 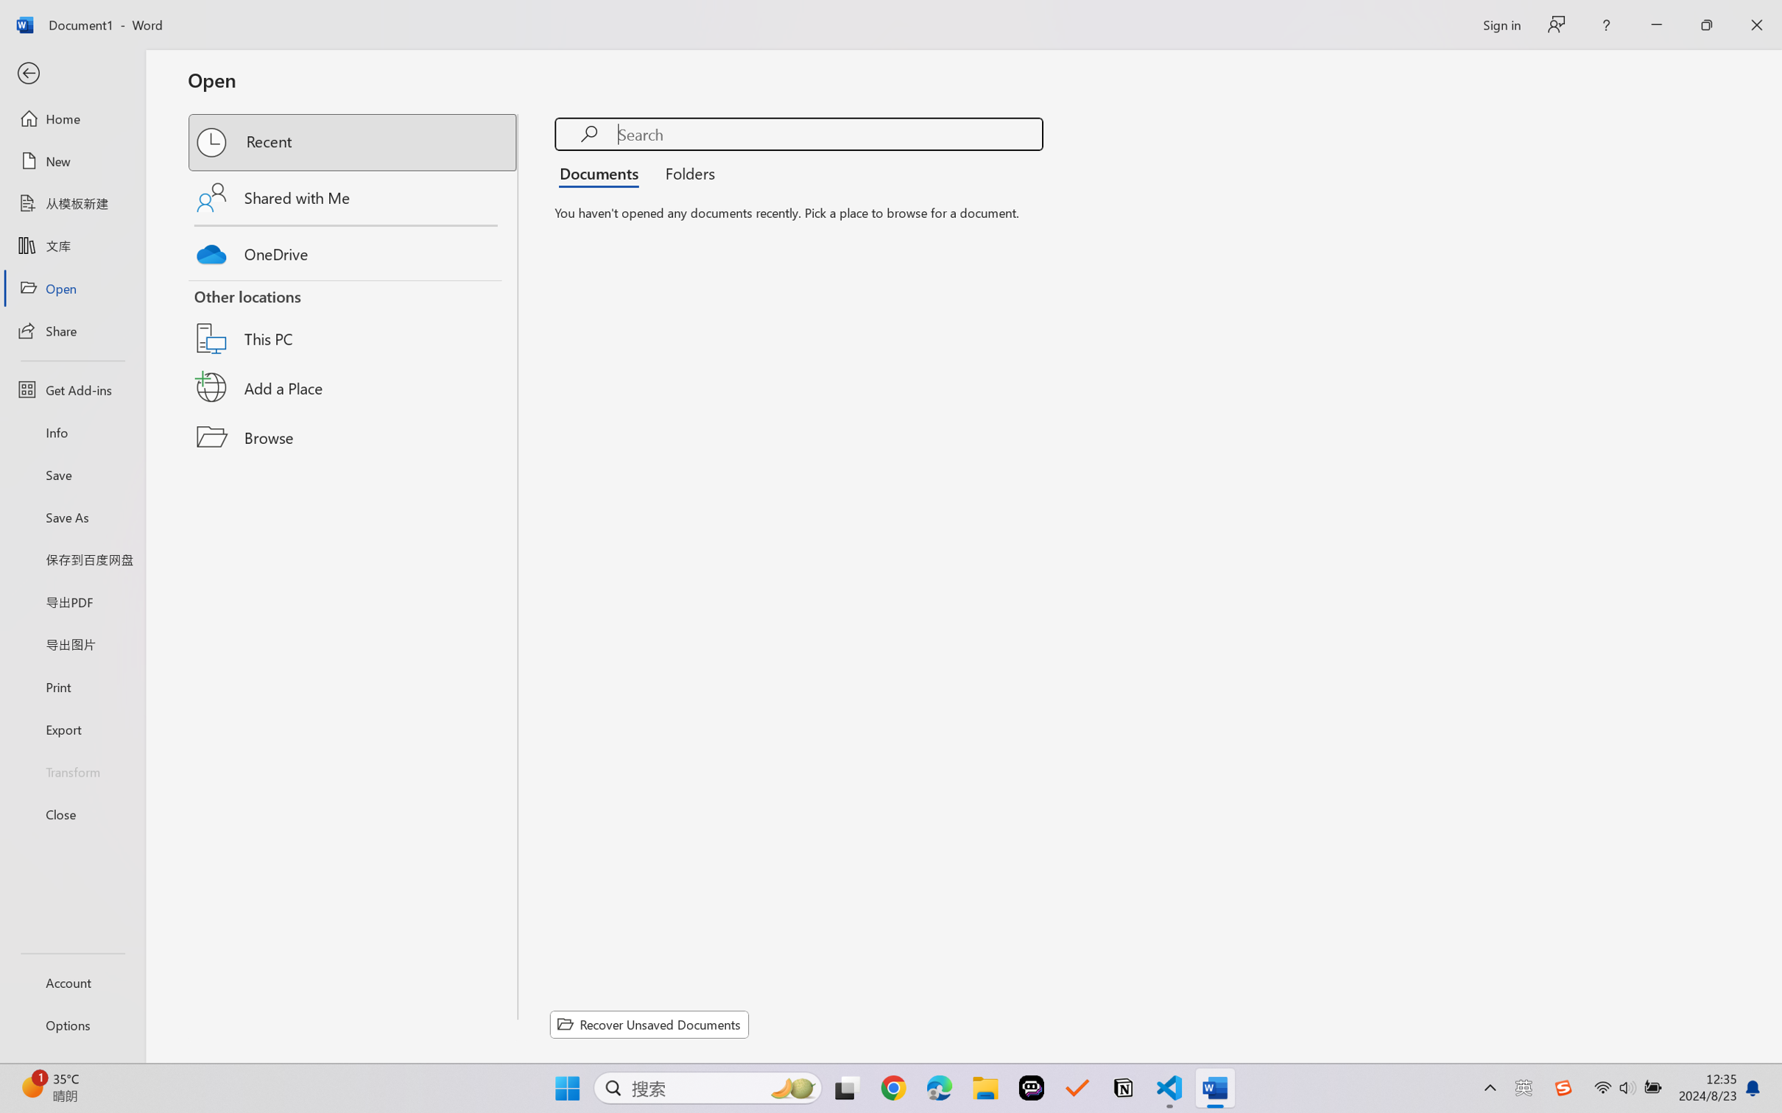 What do you see at coordinates (353, 250) in the screenshot?
I see `'OneDrive'` at bounding box center [353, 250].